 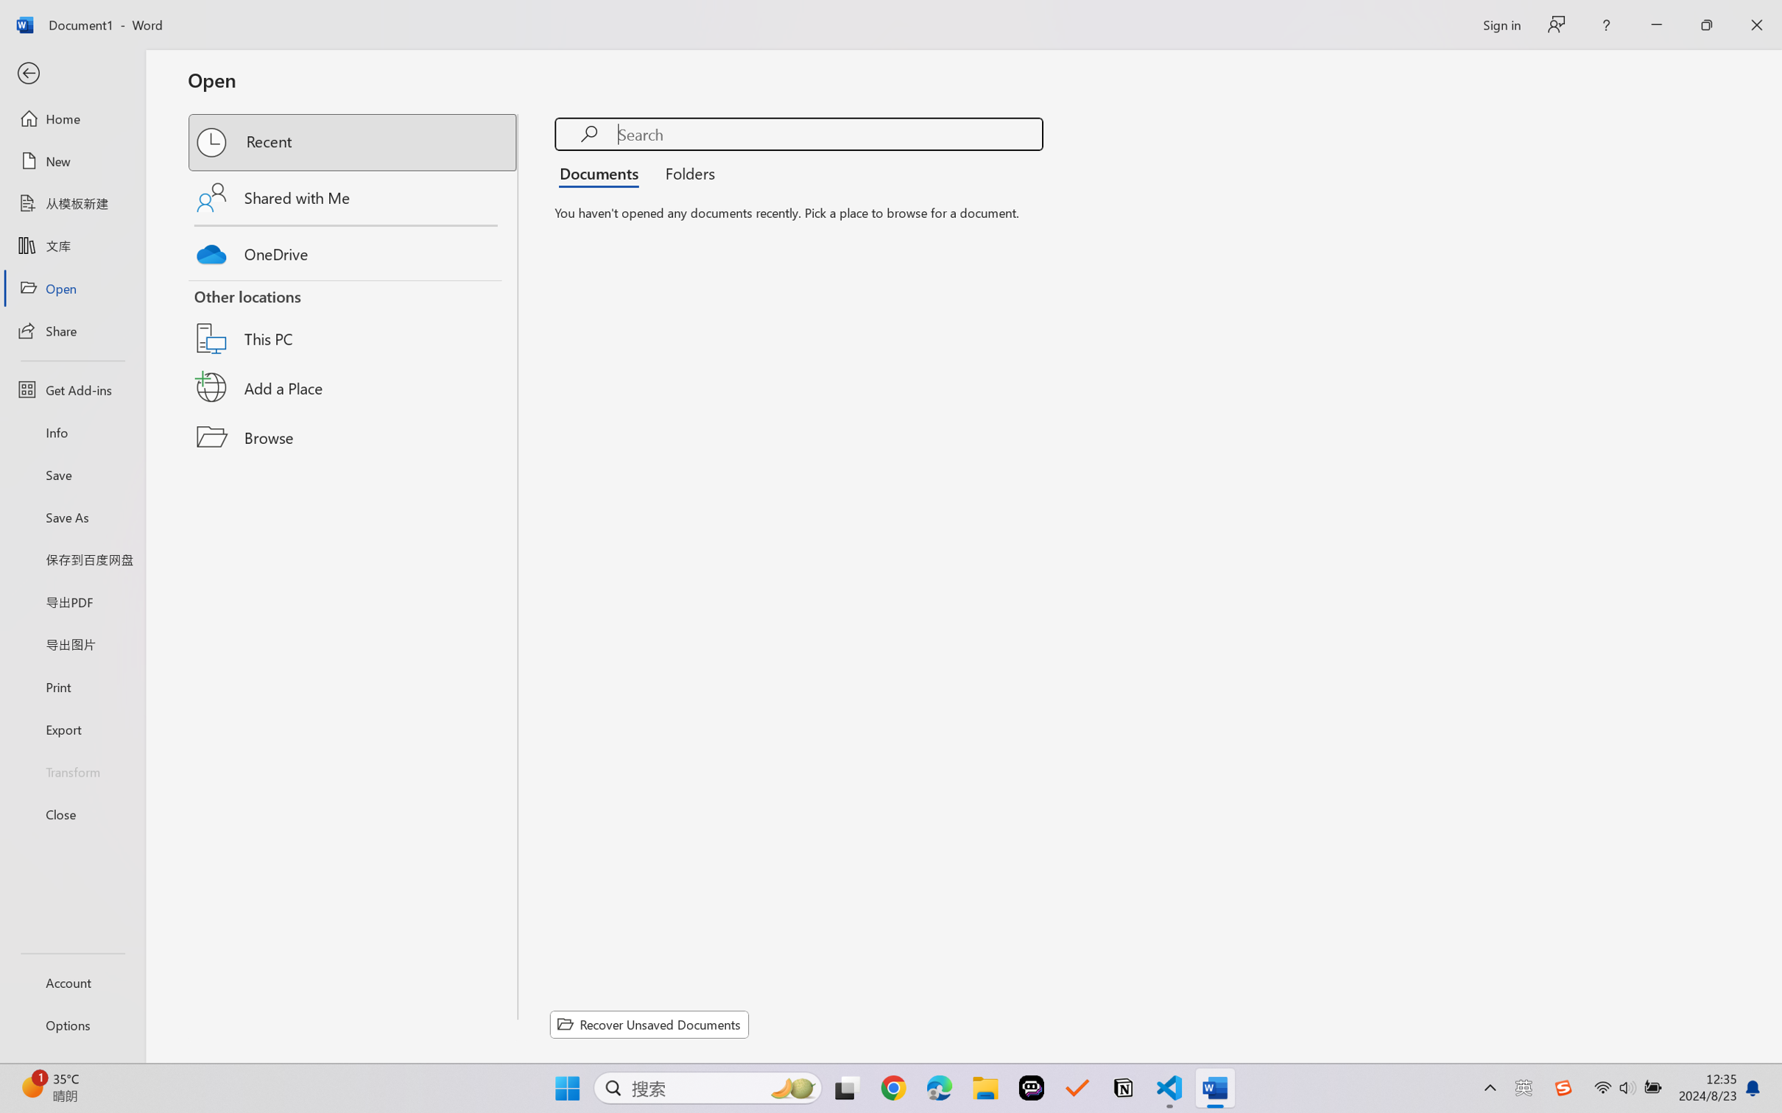 What do you see at coordinates (353, 250) in the screenshot?
I see `'OneDrive'` at bounding box center [353, 250].